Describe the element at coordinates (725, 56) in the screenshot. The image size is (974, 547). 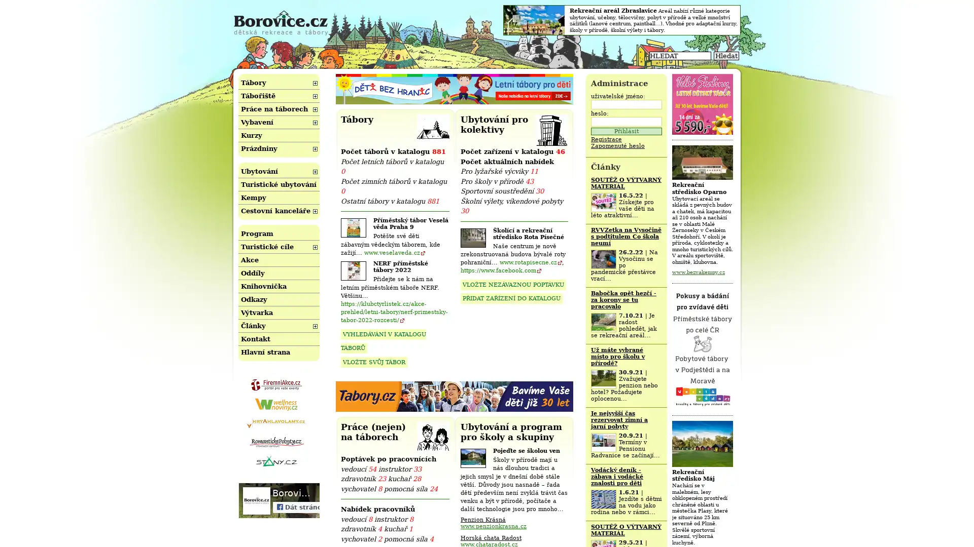
I see `Hledat` at that location.